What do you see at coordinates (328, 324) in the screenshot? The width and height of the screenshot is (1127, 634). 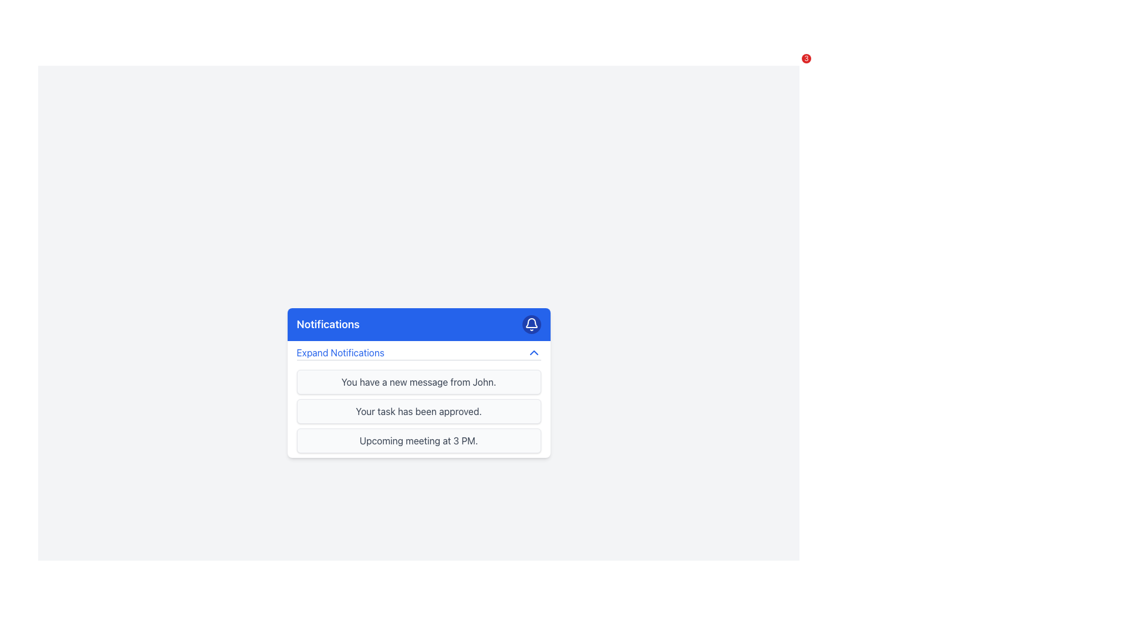 I see `the text label located at the top-left corner of the blue header bar within the notification widget, which serves as a heading for the section below` at bounding box center [328, 324].